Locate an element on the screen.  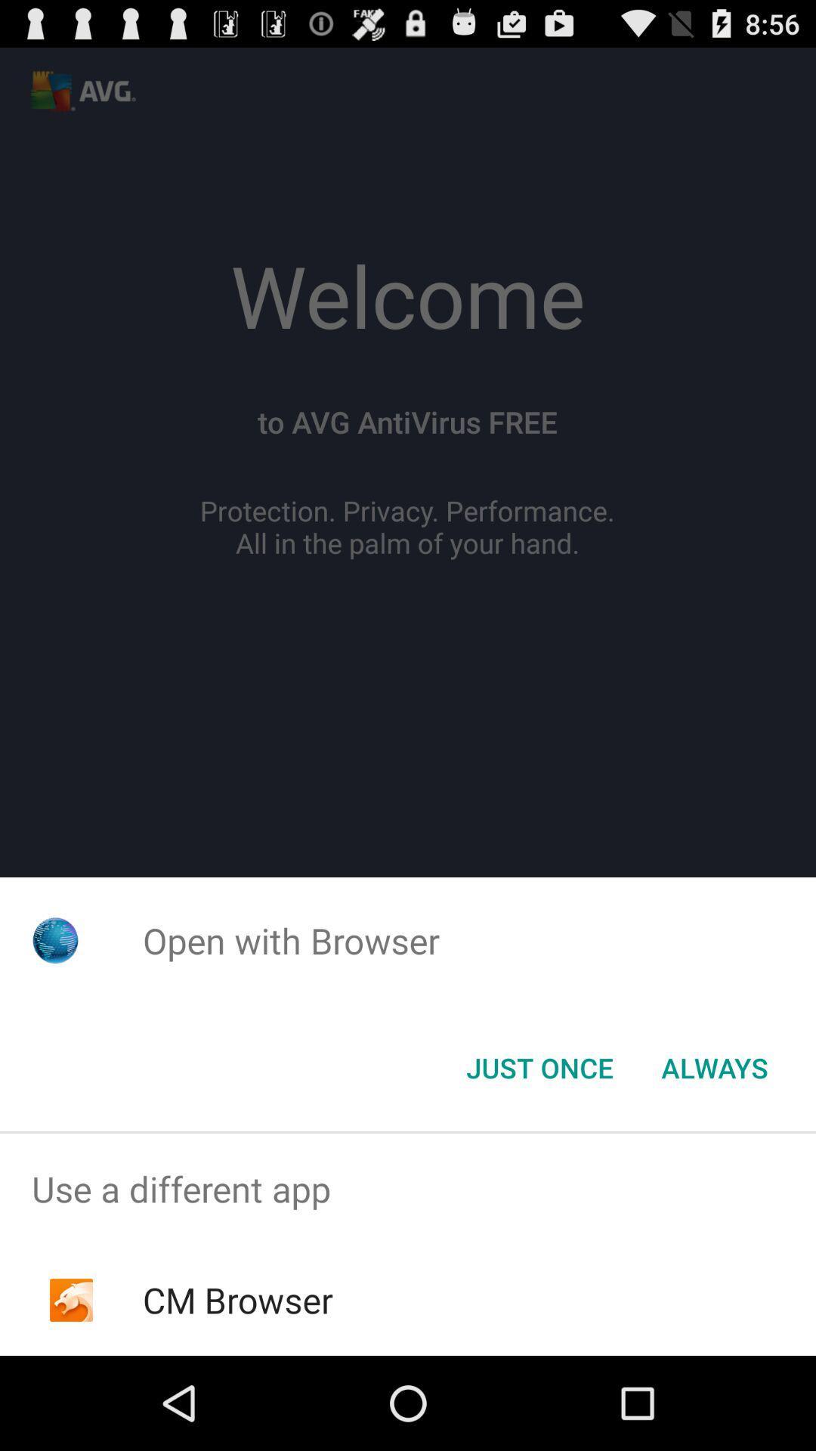
the button to the left of the always button is located at coordinates (539, 1066).